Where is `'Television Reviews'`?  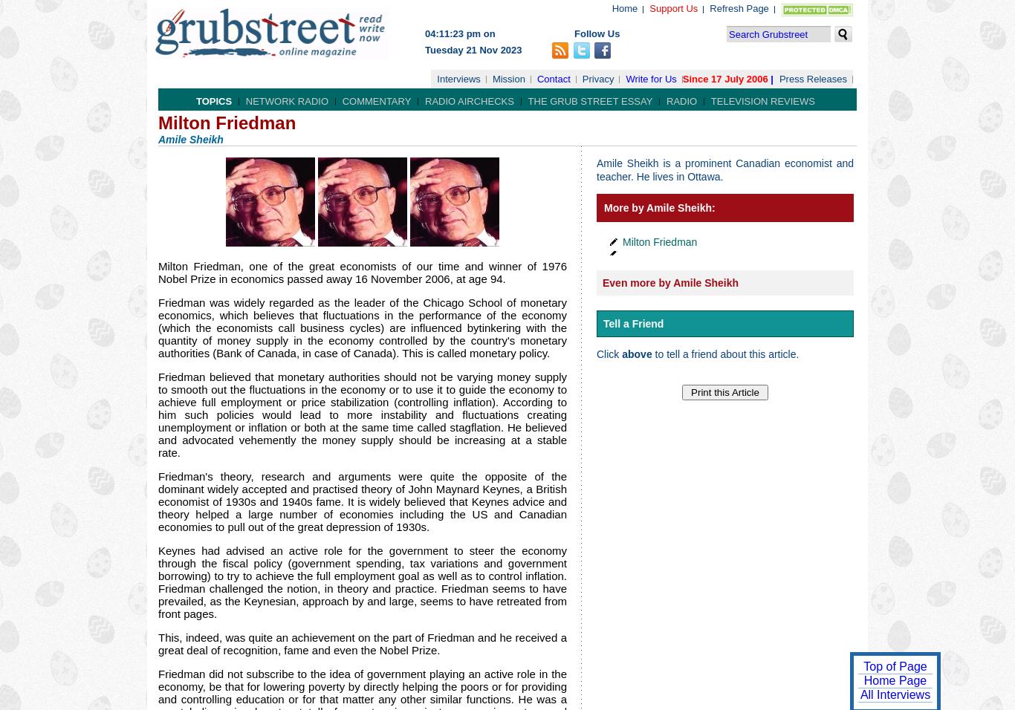
'Television Reviews' is located at coordinates (710, 101).